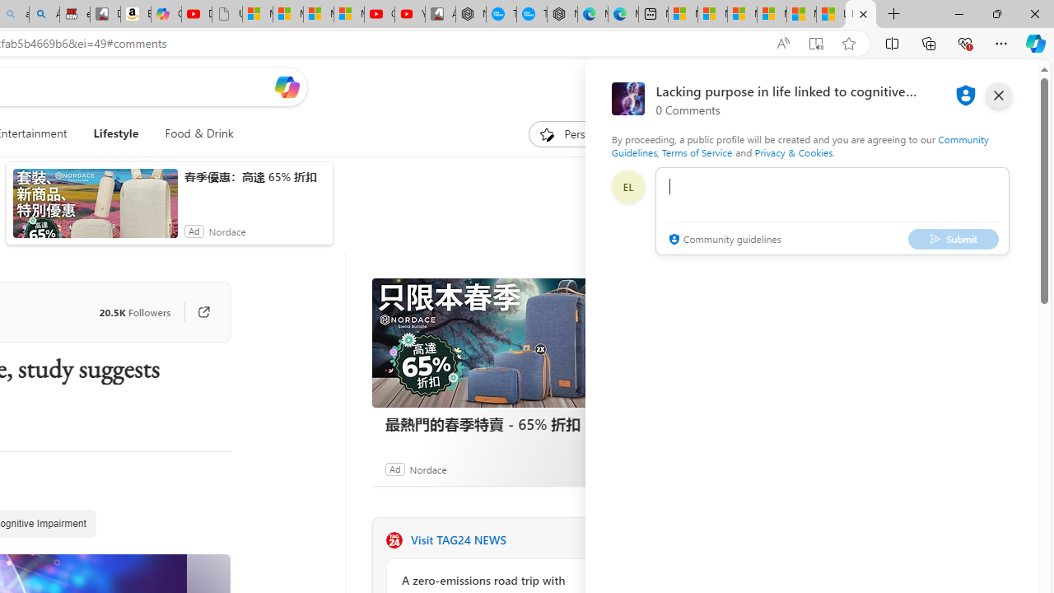 The height and width of the screenshot is (593, 1054). Describe the element at coordinates (393, 539) in the screenshot. I see `'TAG24 NEWS'` at that location.